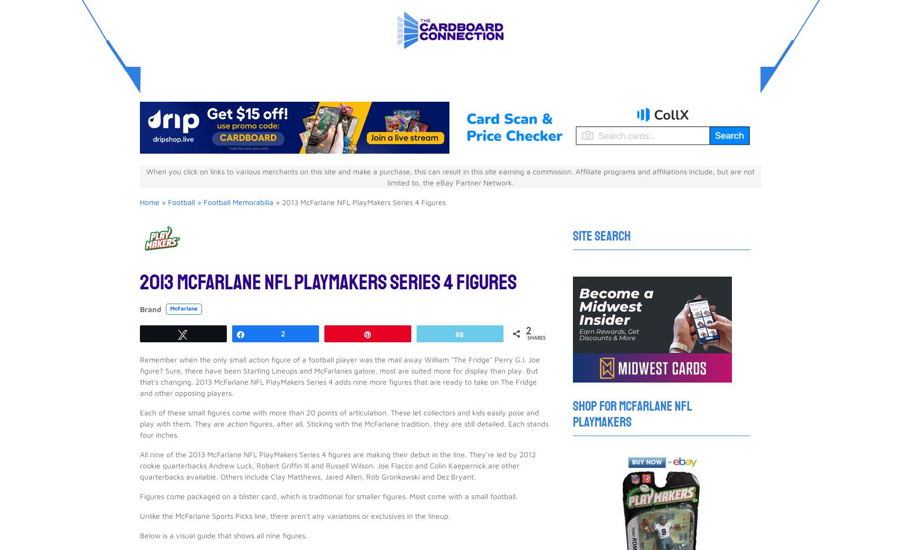  What do you see at coordinates (289, 282) in the screenshot?
I see `'McFarlane Toys Playmakers NFL Football - LeSean Mccoy - (BOX ONLY!) 📦'` at bounding box center [289, 282].